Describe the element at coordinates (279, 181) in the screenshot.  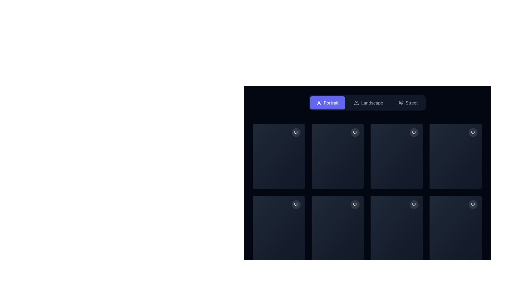
I see `the Composite textual and graphical display component located within the 'Portrait Shot 1' card, positioned at the lower part of the card` at that location.